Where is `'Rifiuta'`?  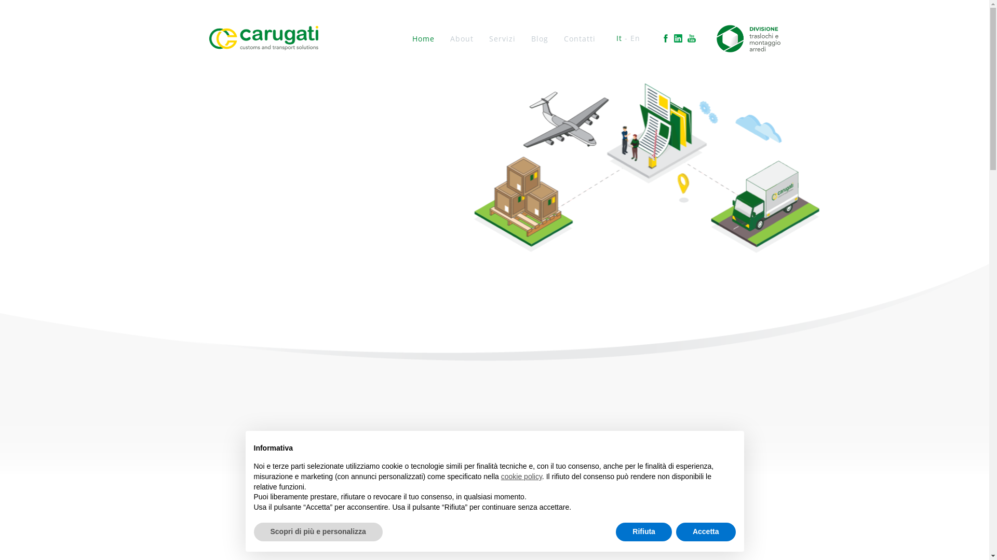
'Rifiuta' is located at coordinates (643, 532).